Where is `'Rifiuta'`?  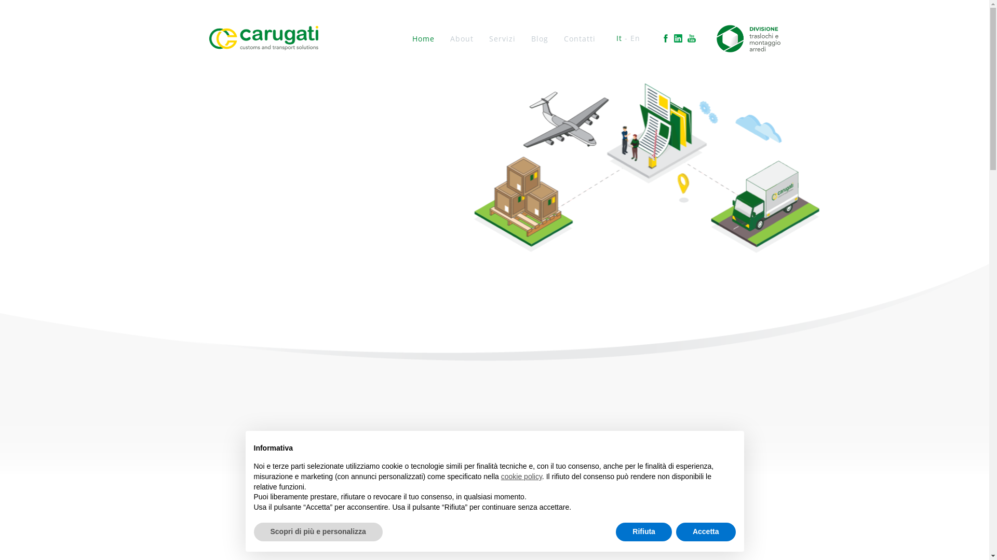
'Rifiuta' is located at coordinates (643, 532).